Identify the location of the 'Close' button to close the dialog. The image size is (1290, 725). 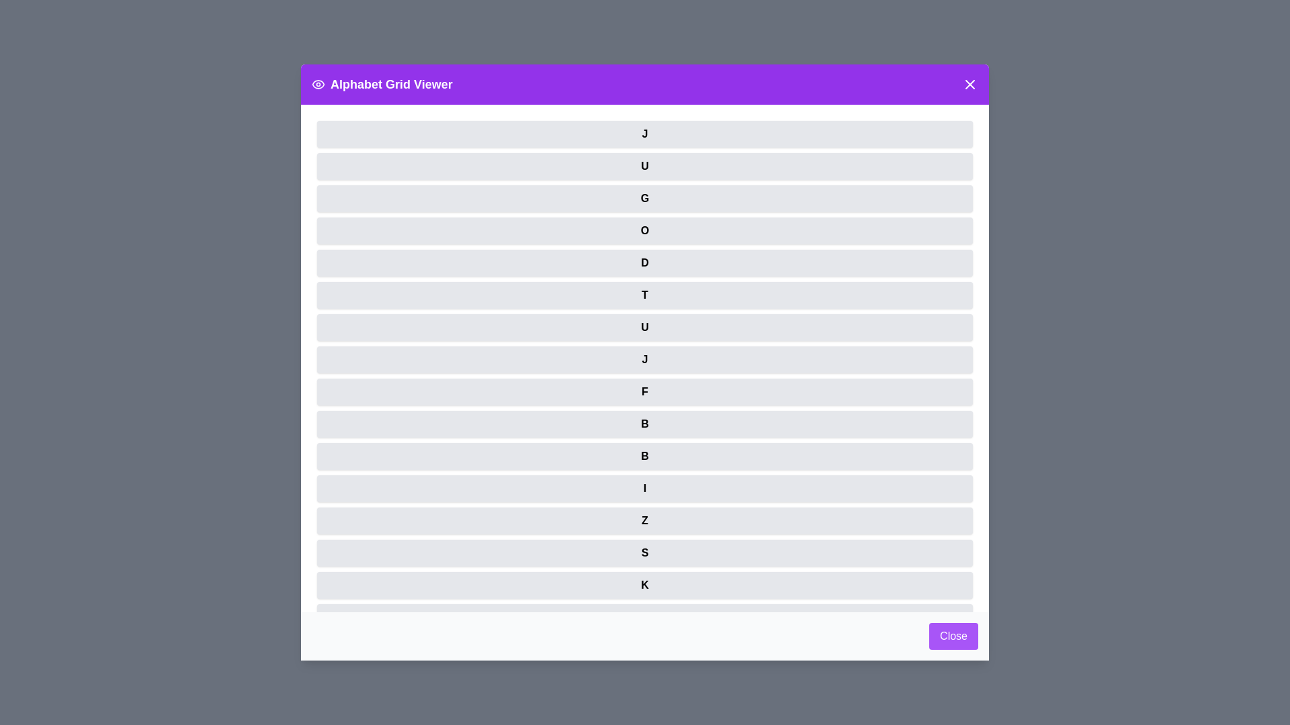
(953, 636).